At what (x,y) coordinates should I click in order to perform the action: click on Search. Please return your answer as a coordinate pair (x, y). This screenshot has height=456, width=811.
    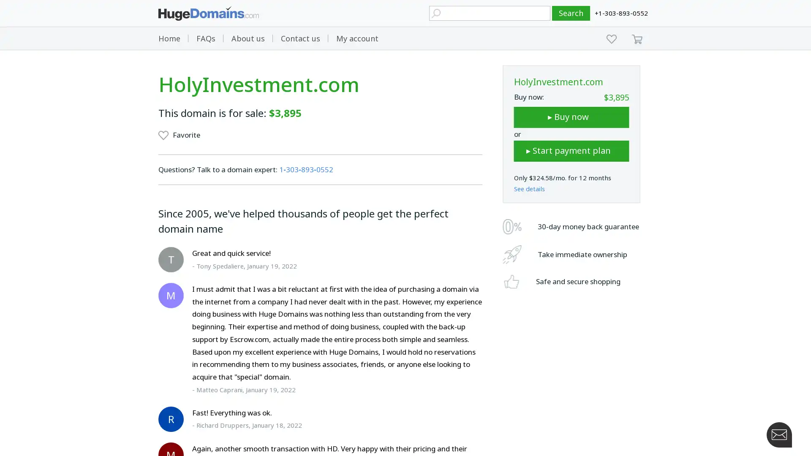
    Looking at the image, I should click on (571, 13).